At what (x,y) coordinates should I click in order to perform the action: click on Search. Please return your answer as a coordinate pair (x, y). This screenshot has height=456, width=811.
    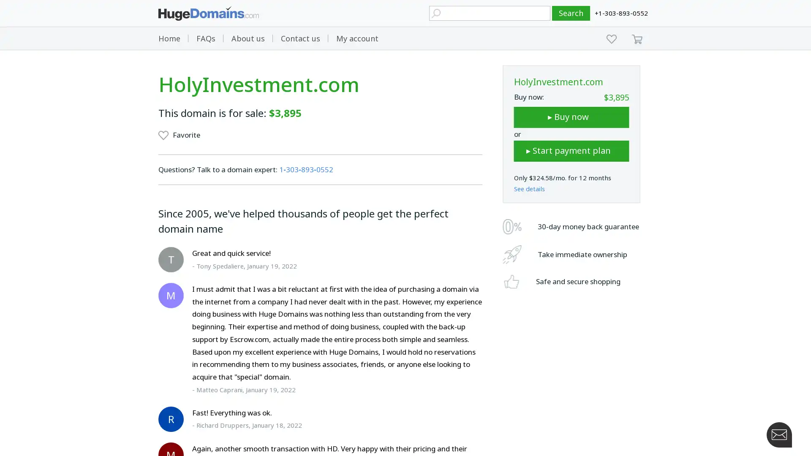
    Looking at the image, I should click on (571, 13).